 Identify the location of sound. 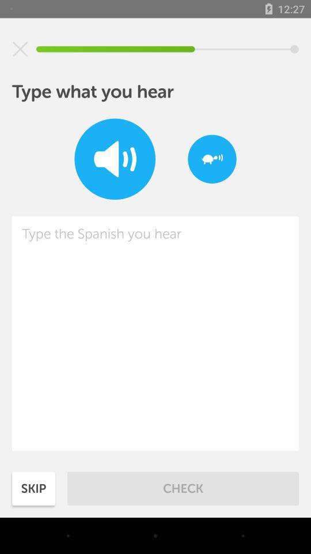
(115, 158).